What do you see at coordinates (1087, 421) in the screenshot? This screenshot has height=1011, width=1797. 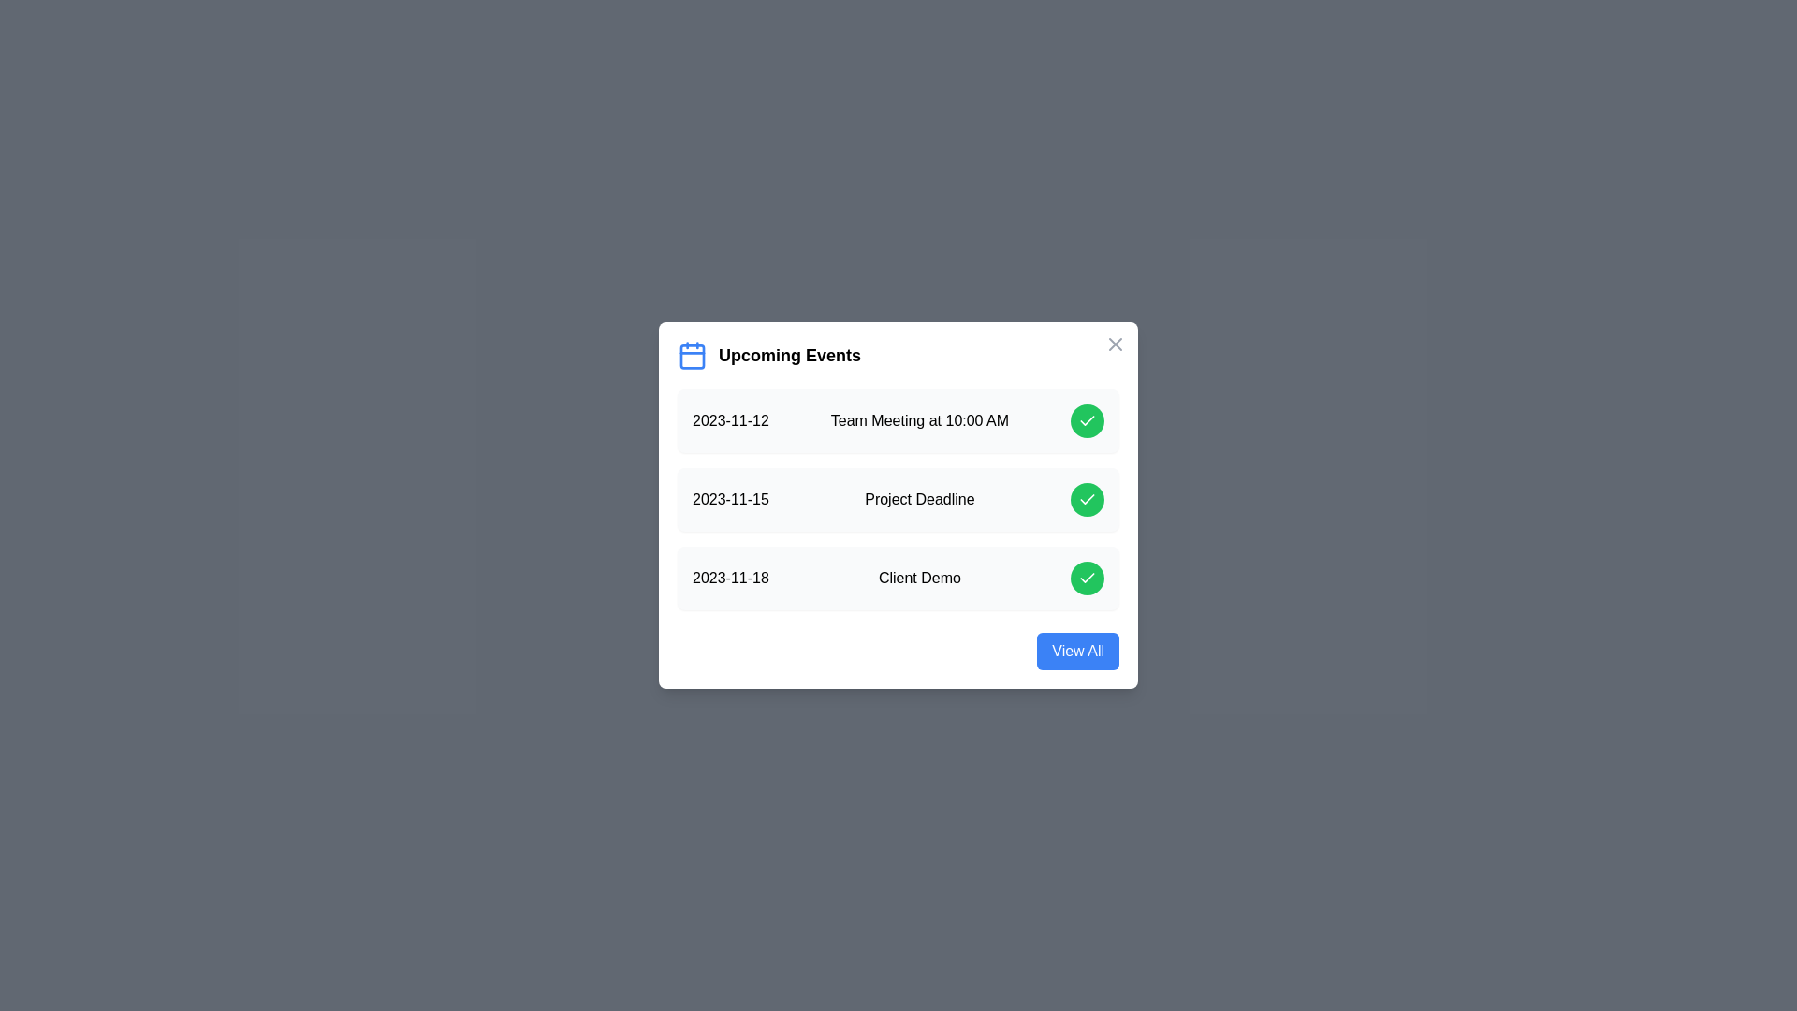 I see `green check button for the event Team Meeting at 10:00 AM` at bounding box center [1087, 421].